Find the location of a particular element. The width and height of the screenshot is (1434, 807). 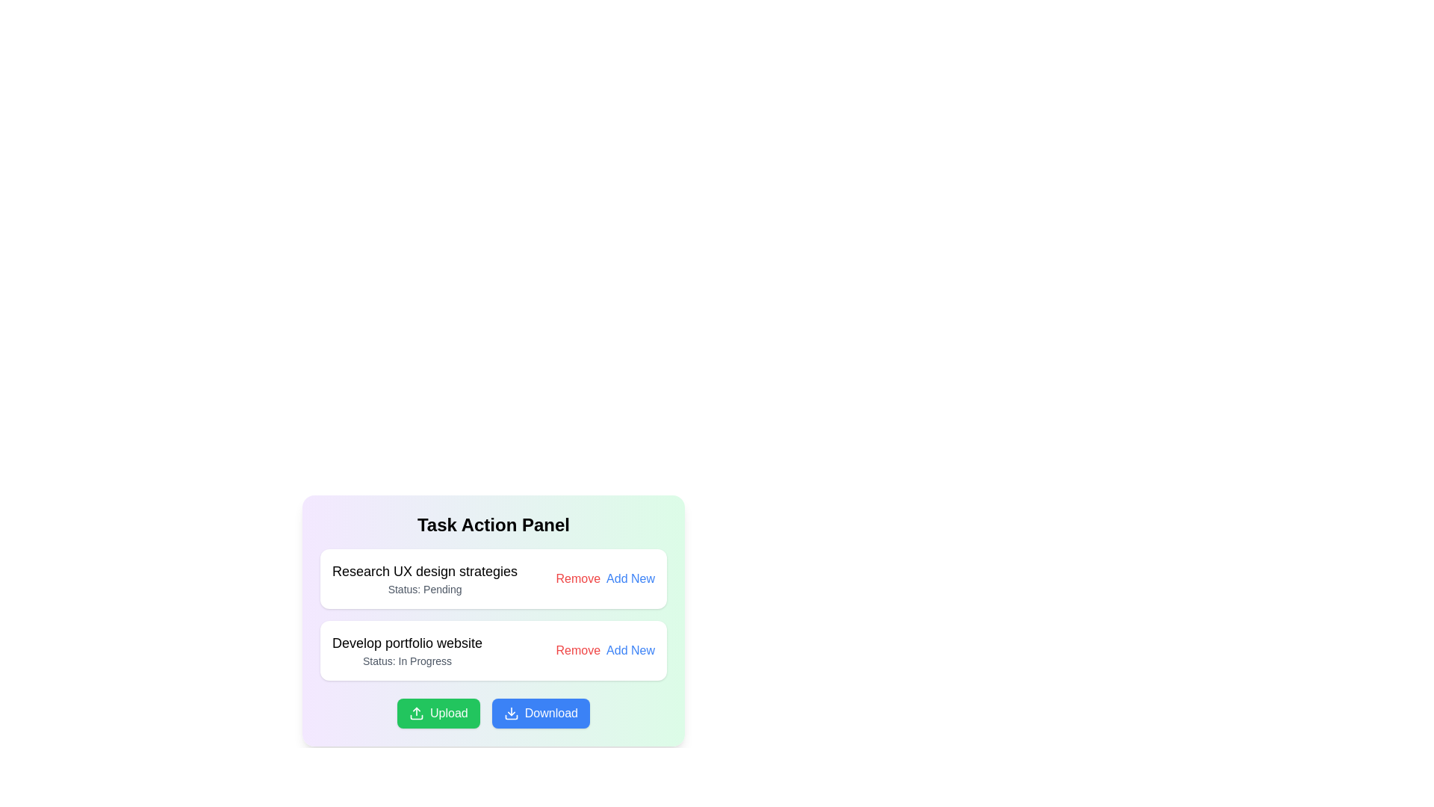

the 'Download' button located at the bottom of the 'Task Action Panel', which is part of a composite element containing two interactive buttons is located at coordinates (494, 713).